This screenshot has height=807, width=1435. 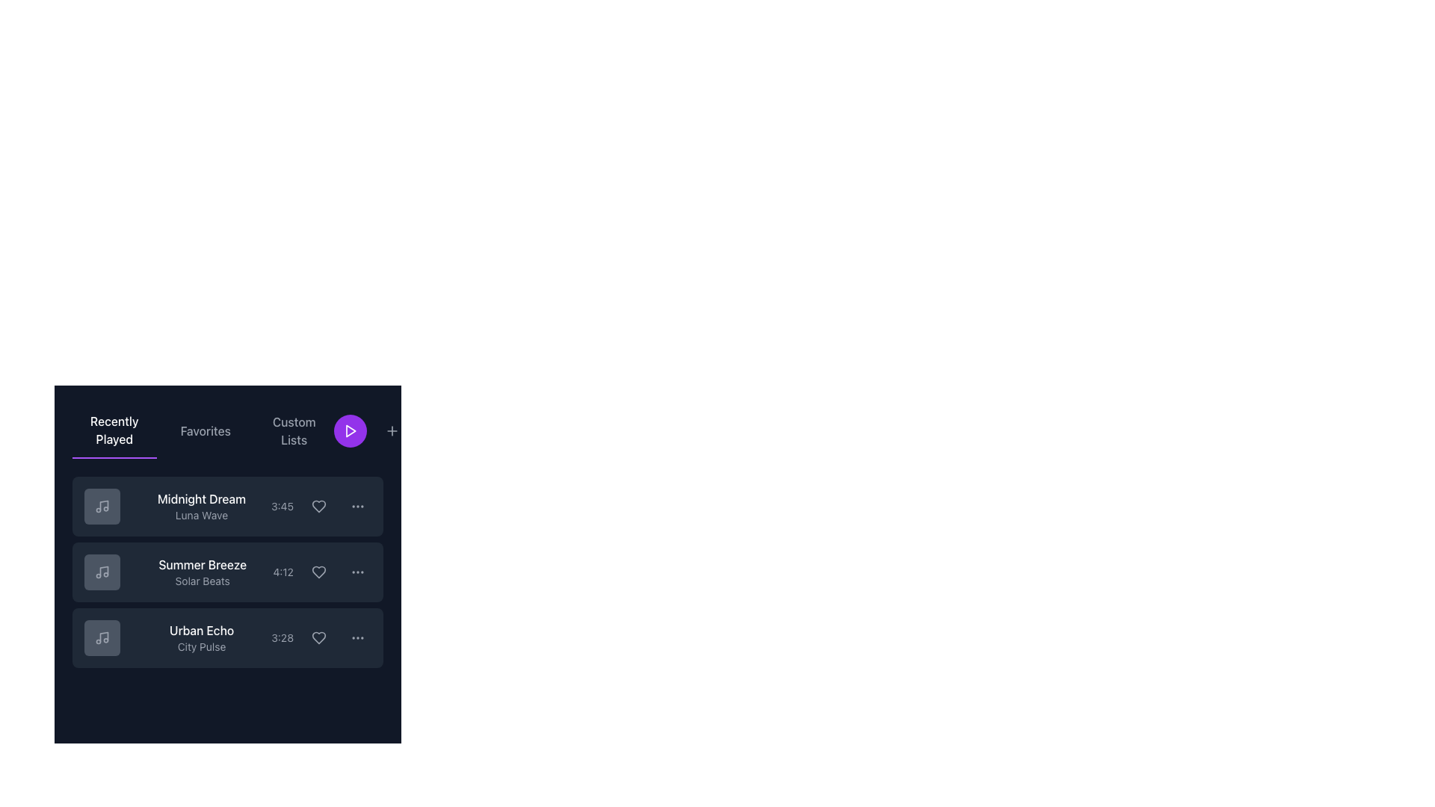 What do you see at coordinates (202, 581) in the screenshot?
I see `the text label reading 'Solar Beats', which is styled in gray and positioned below 'Summer Breeze' in the 'Recently Played' section` at bounding box center [202, 581].